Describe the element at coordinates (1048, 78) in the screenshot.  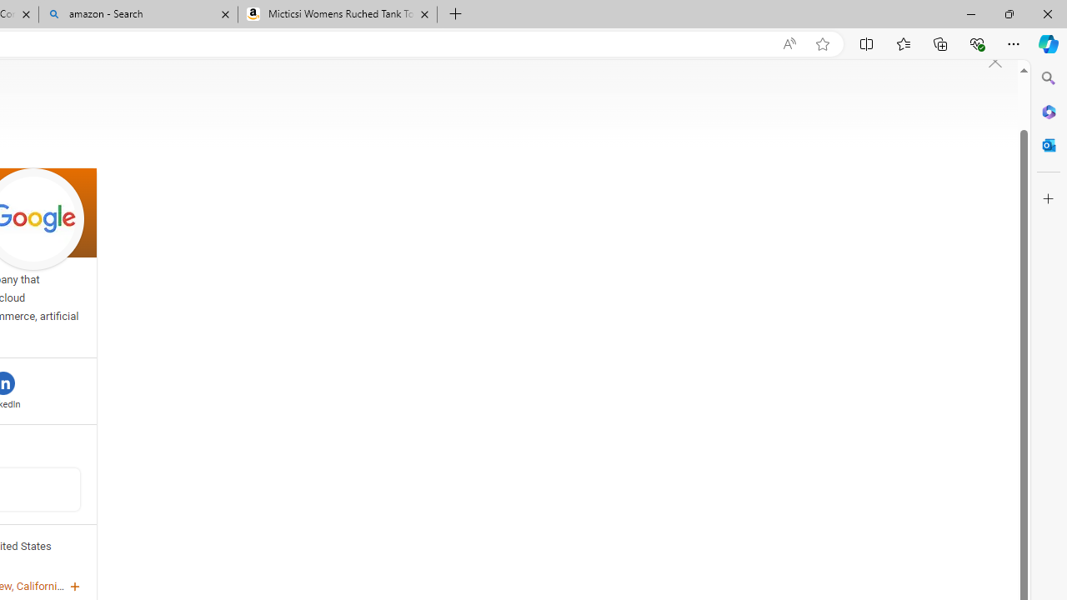
I see `'Search'` at that location.